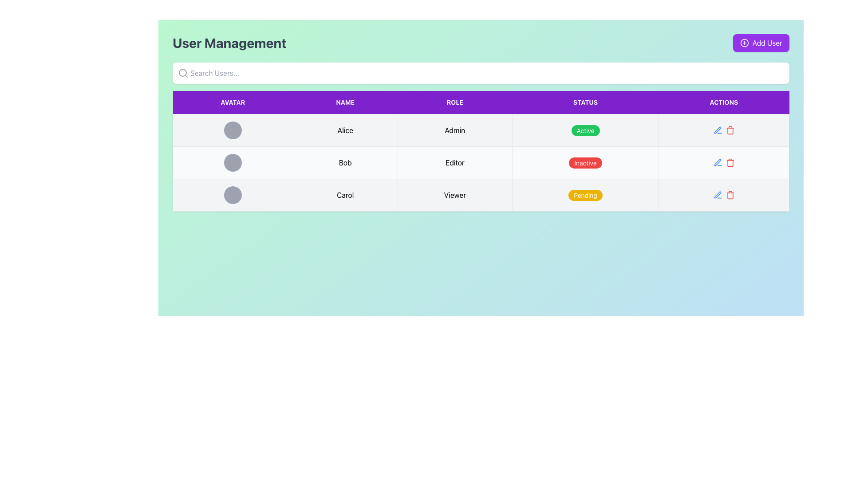 The width and height of the screenshot is (852, 479). Describe the element at coordinates (233, 194) in the screenshot. I see `the image placeholder representing the profile avatar for the user 'Carol' located in the third row under the 'Avatar' column` at that location.